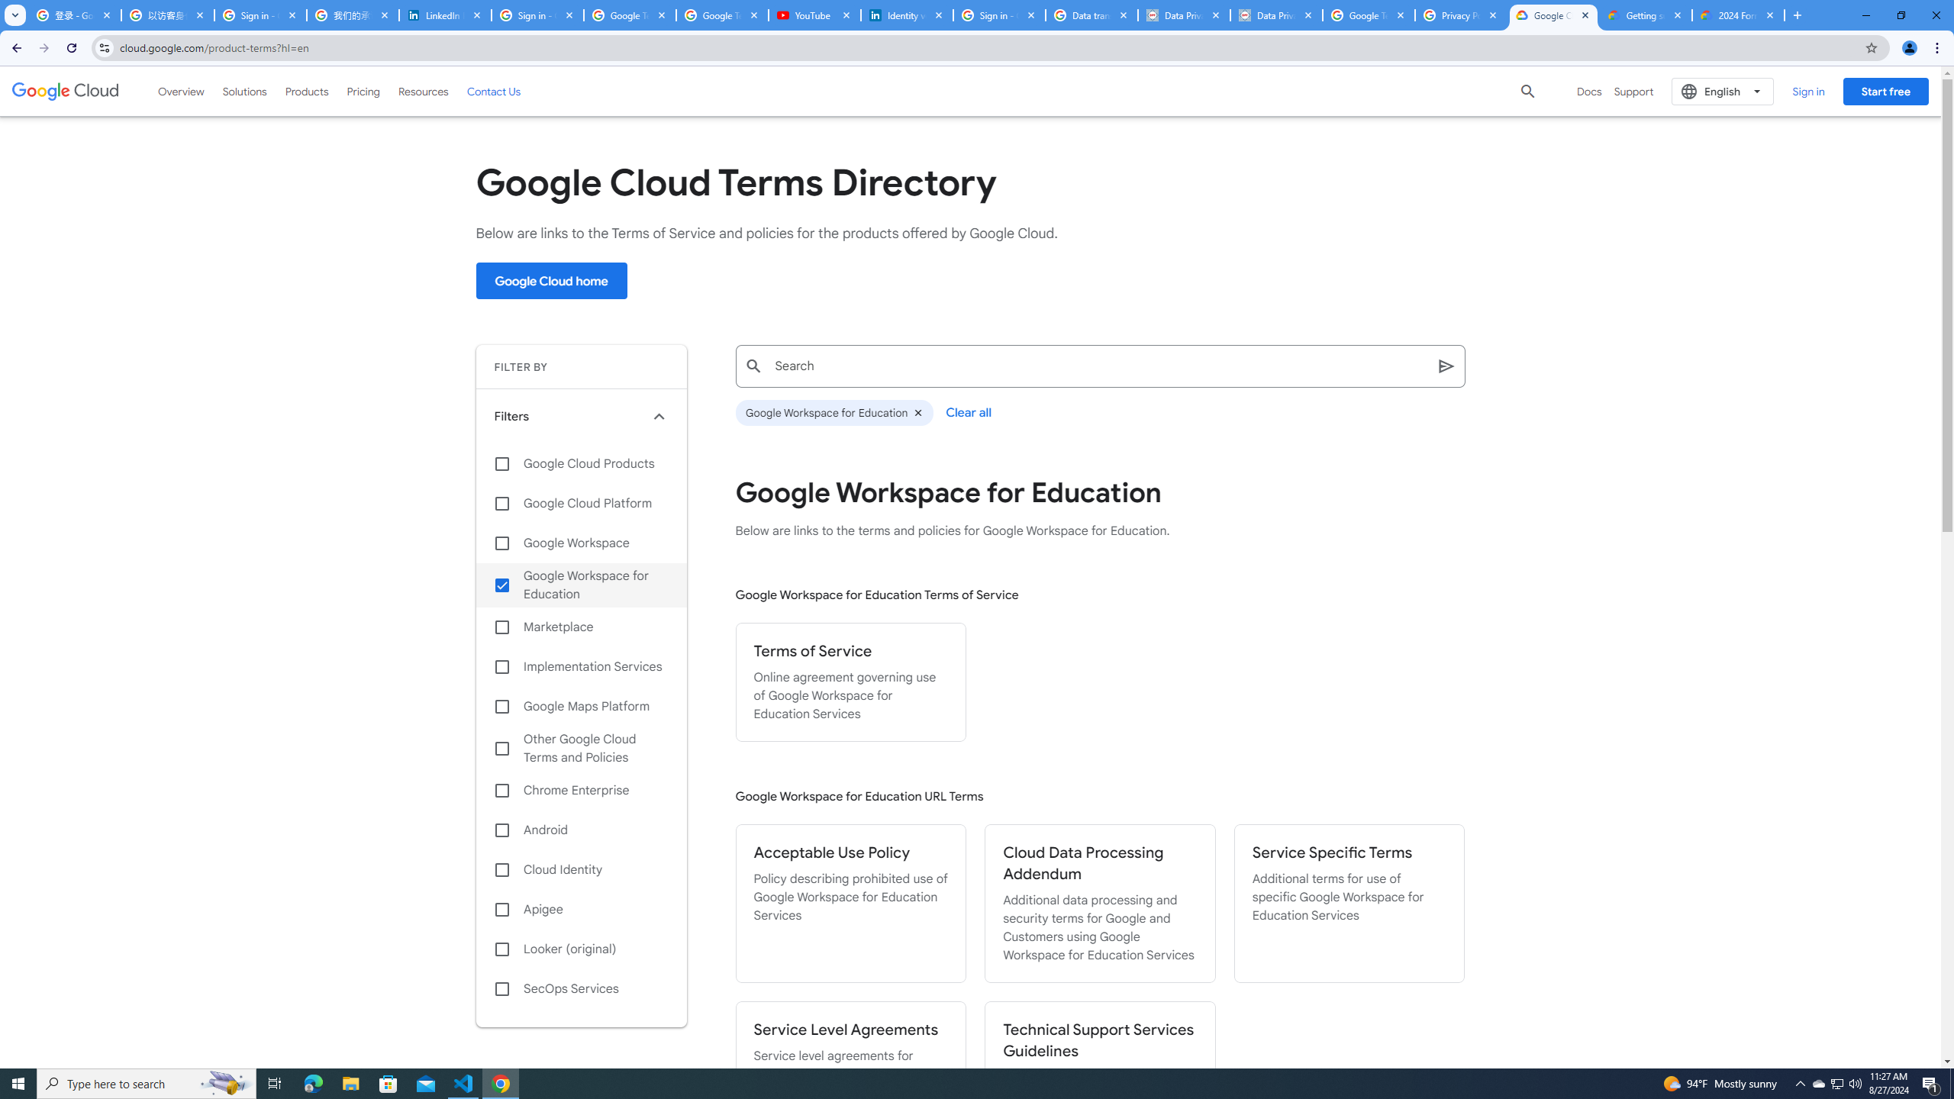  Describe the element at coordinates (581, 627) in the screenshot. I see `'Marketplace'` at that location.